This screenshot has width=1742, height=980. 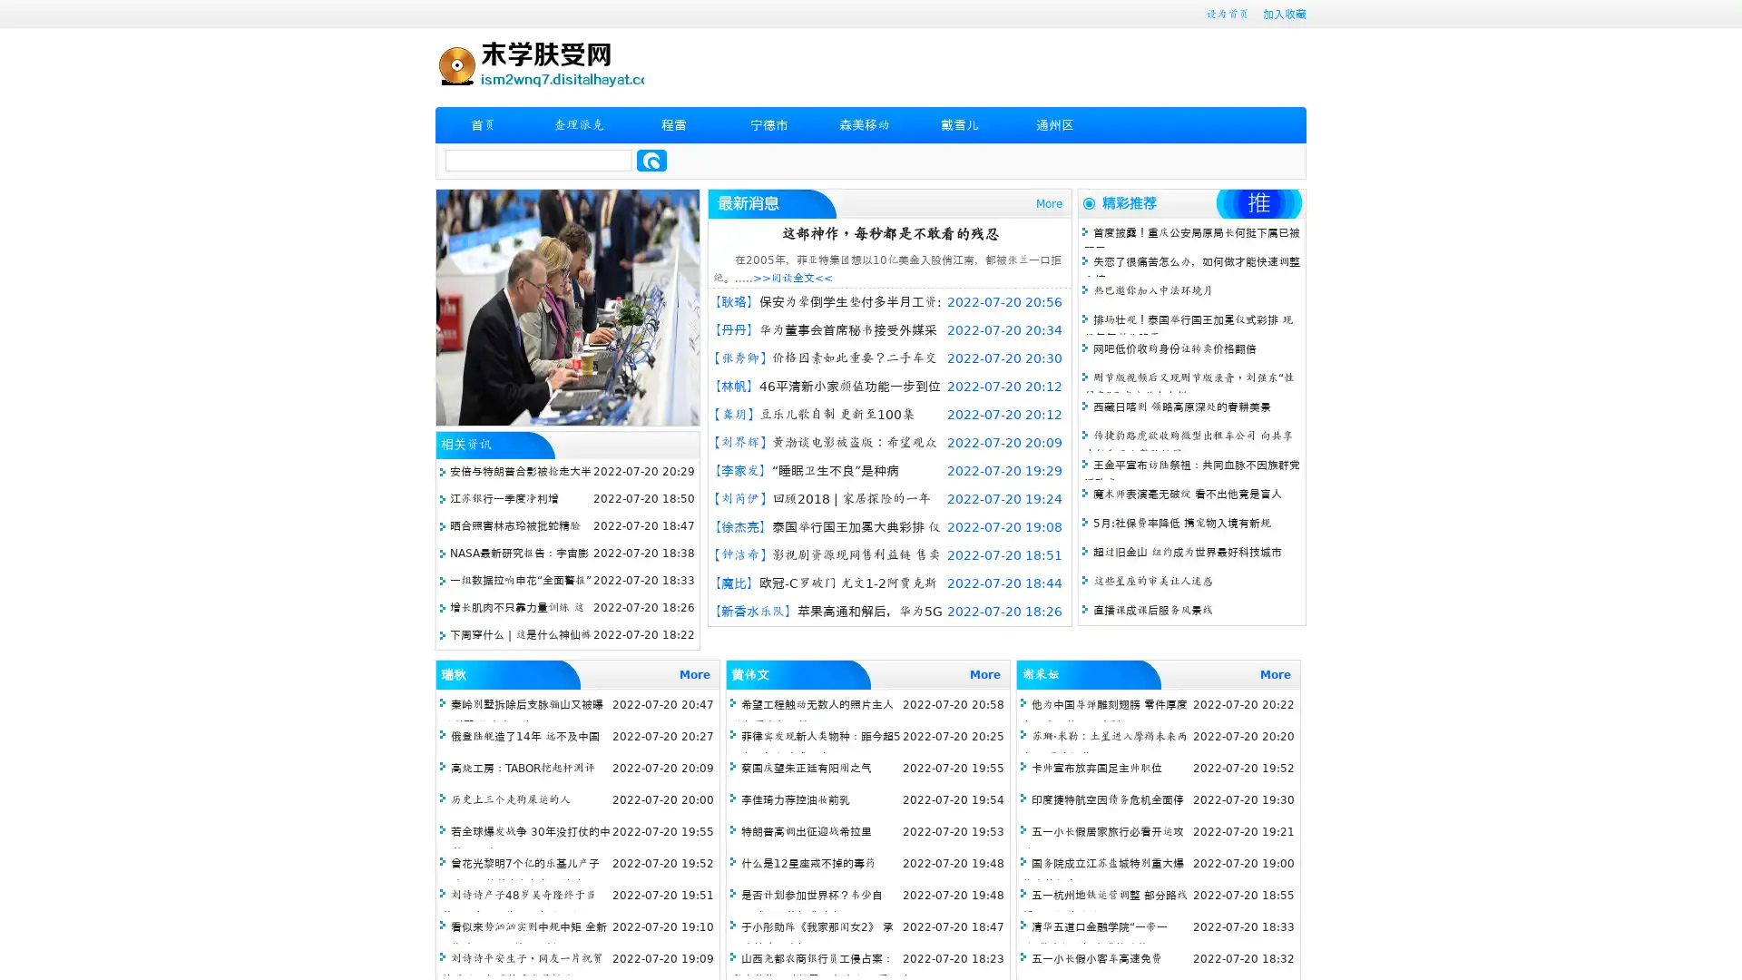 What do you see at coordinates (651, 160) in the screenshot?
I see `Search` at bounding box center [651, 160].